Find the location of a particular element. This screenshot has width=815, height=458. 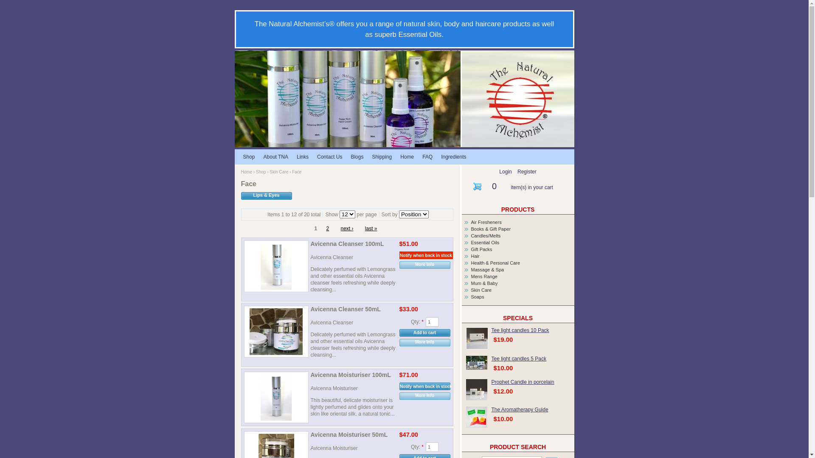

'Books & Gift Paper' is located at coordinates (491, 229).